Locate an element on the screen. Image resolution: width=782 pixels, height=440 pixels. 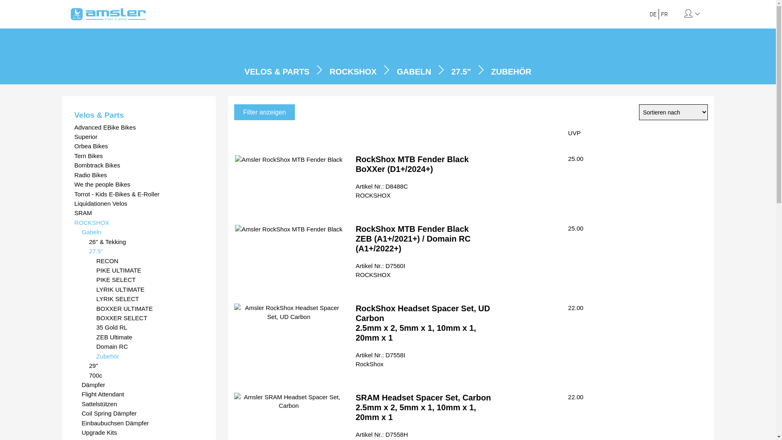
'VELOS & PARTS' is located at coordinates (277, 71).